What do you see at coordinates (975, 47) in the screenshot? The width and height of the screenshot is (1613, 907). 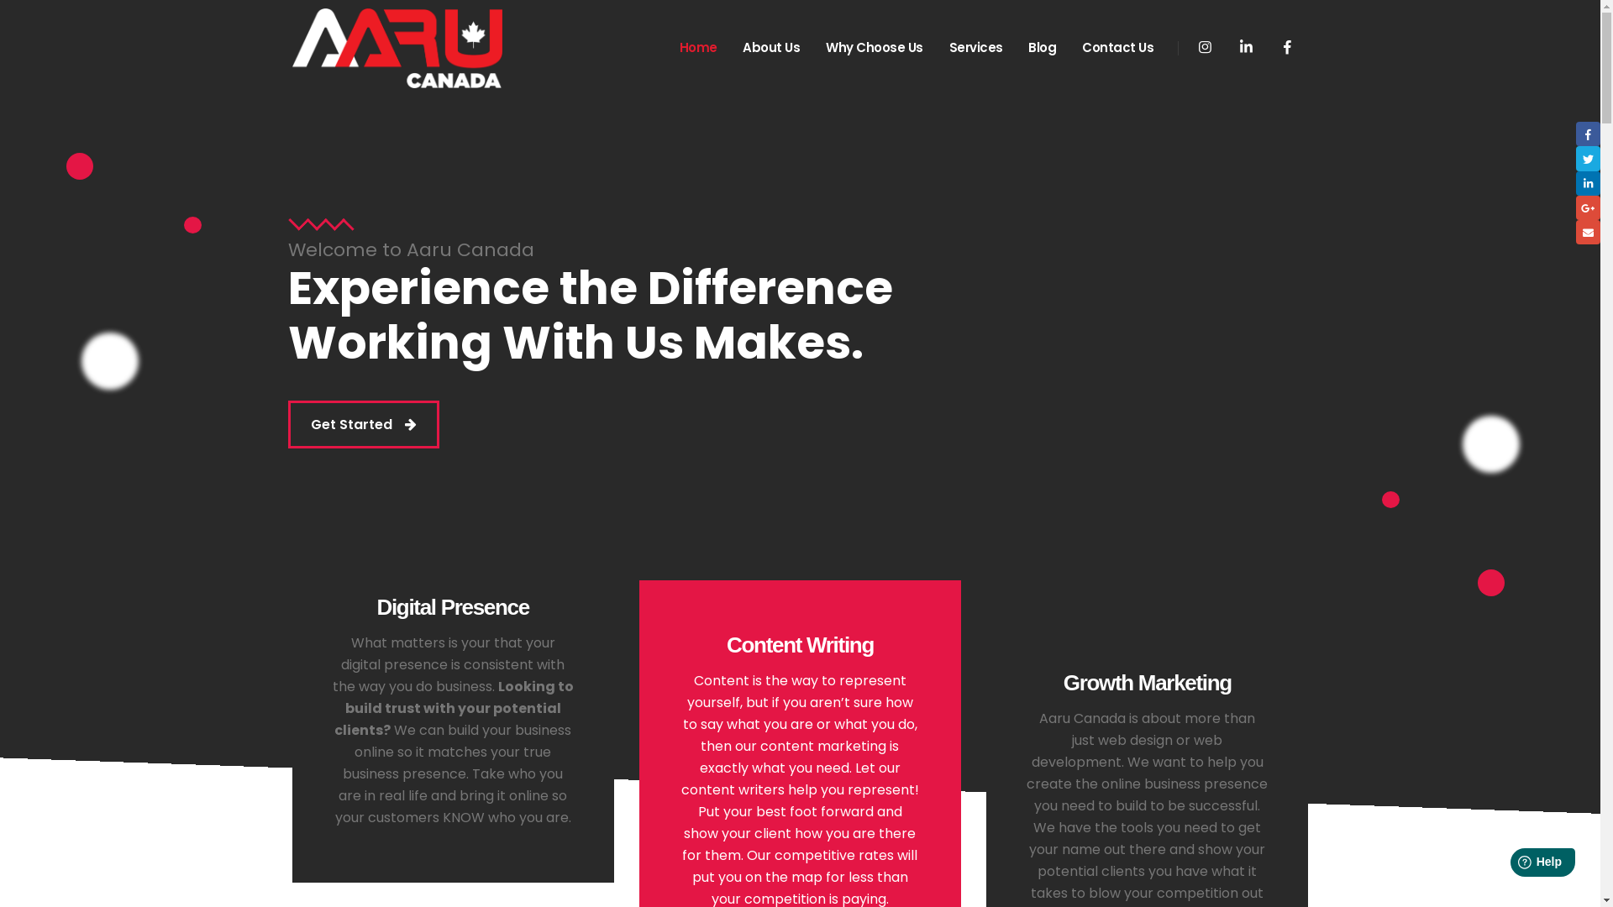 I see `'Services'` at bounding box center [975, 47].